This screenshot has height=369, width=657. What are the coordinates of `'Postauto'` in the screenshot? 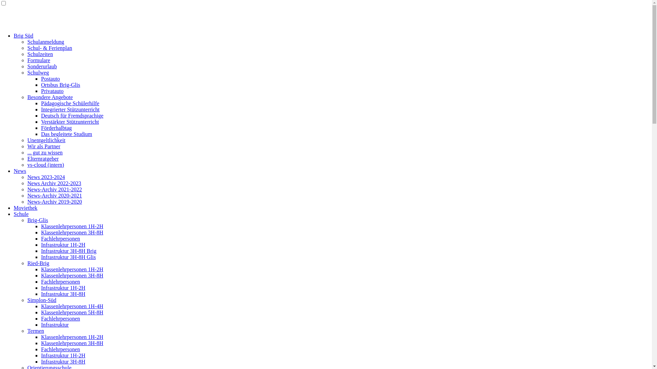 It's located at (50, 78).